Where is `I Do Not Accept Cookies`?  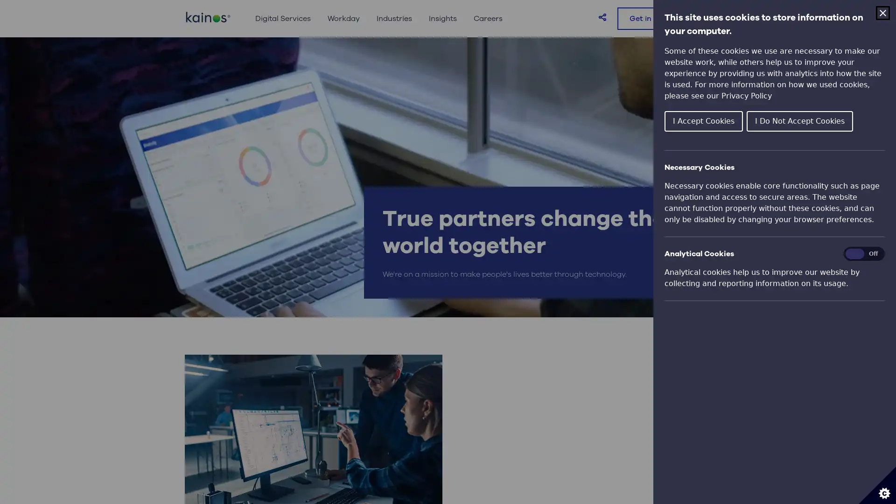 I Do Not Accept Cookies is located at coordinates (799, 120).